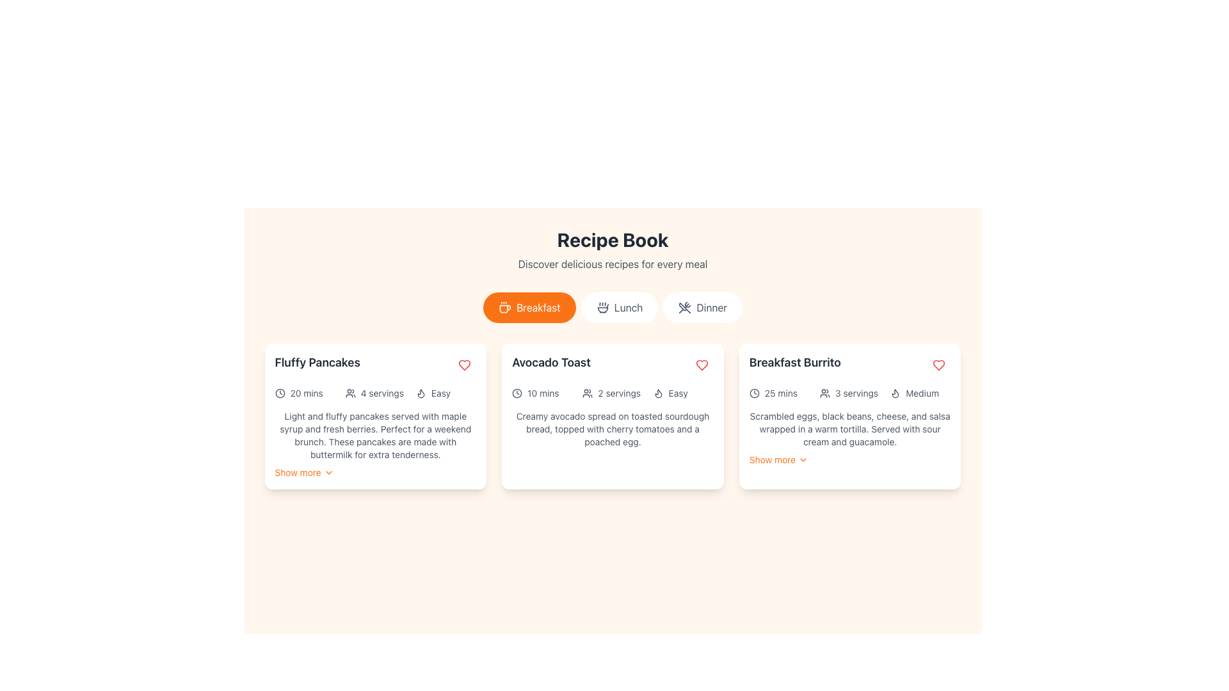 The width and height of the screenshot is (1229, 691). Describe the element at coordinates (850, 438) in the screenshot. I see `the 'Show more' link located below the primary descriptive text within the 'Breakfast Burrito' card` at that location.